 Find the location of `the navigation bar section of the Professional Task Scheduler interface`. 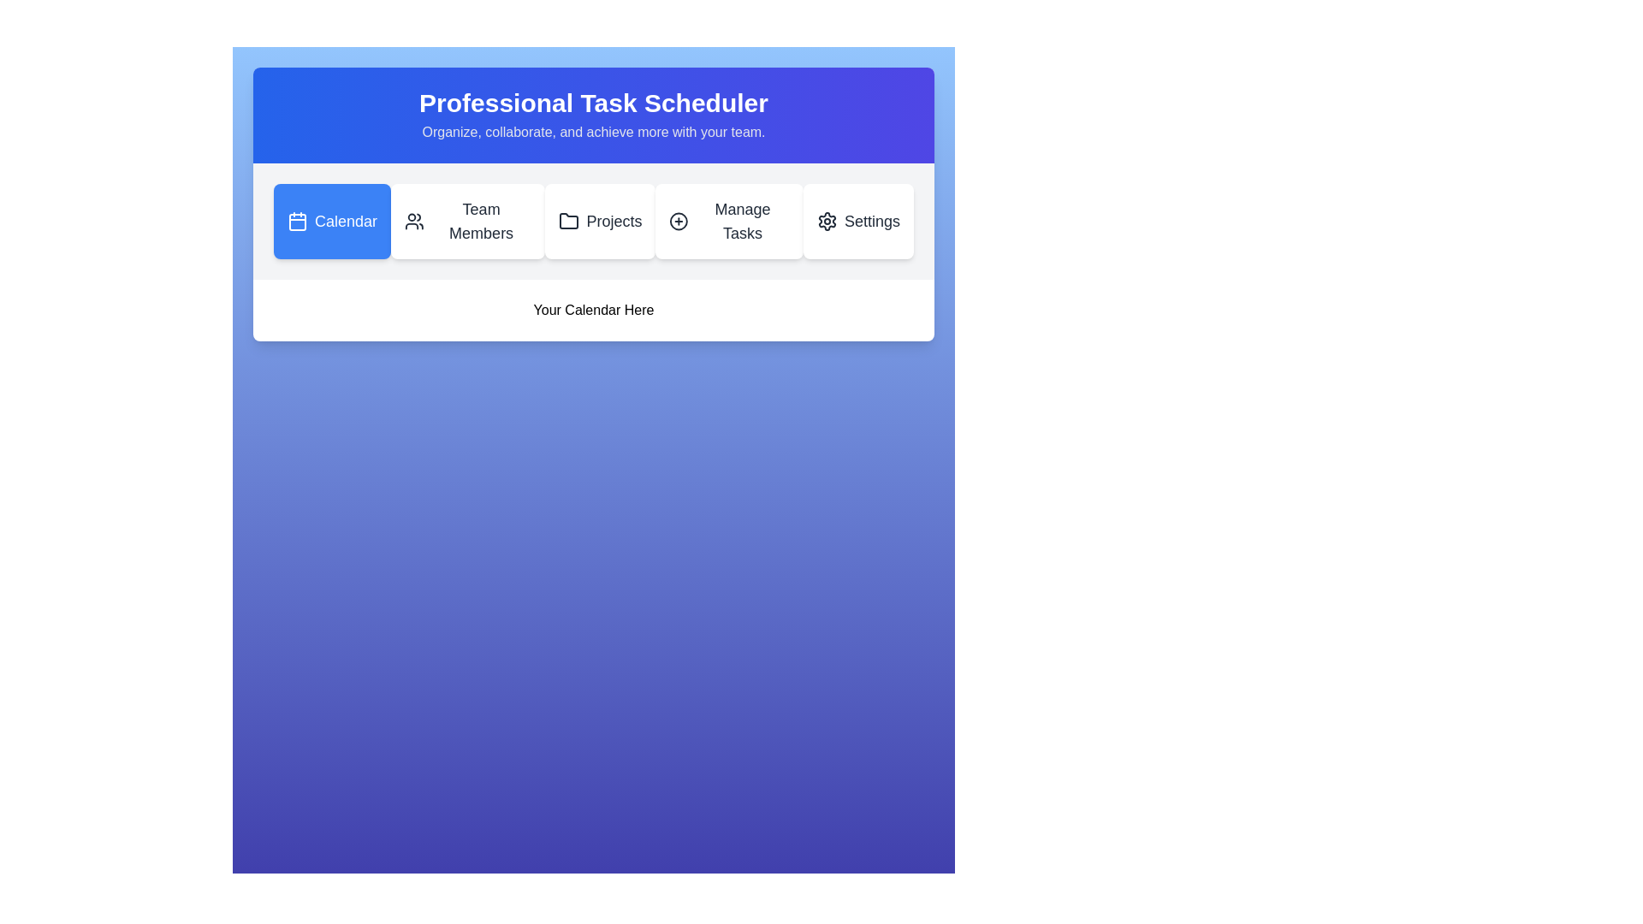

the navigation bar section of the Professional Task Scheduler interface is located at coordinates (594, 220).